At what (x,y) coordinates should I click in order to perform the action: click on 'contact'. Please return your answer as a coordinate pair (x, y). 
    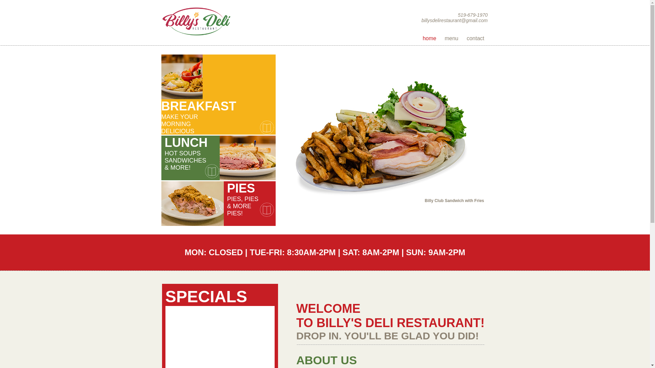
    Looking at the image, I should click on (475, 38).